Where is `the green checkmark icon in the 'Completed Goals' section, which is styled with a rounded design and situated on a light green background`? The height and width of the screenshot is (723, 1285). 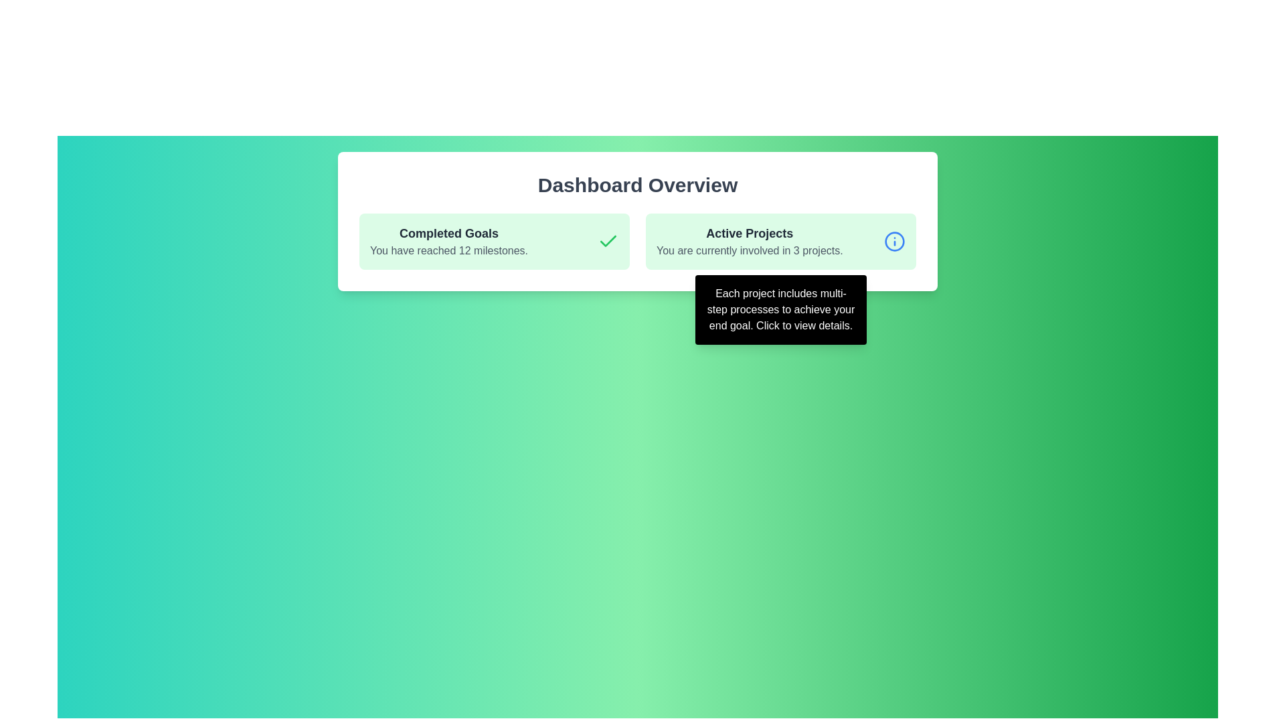 the green checkmark icon in the 'Completed Goals' section, which is styled with a rounded design and situated on a light green background is located at coordinates (607, 242).